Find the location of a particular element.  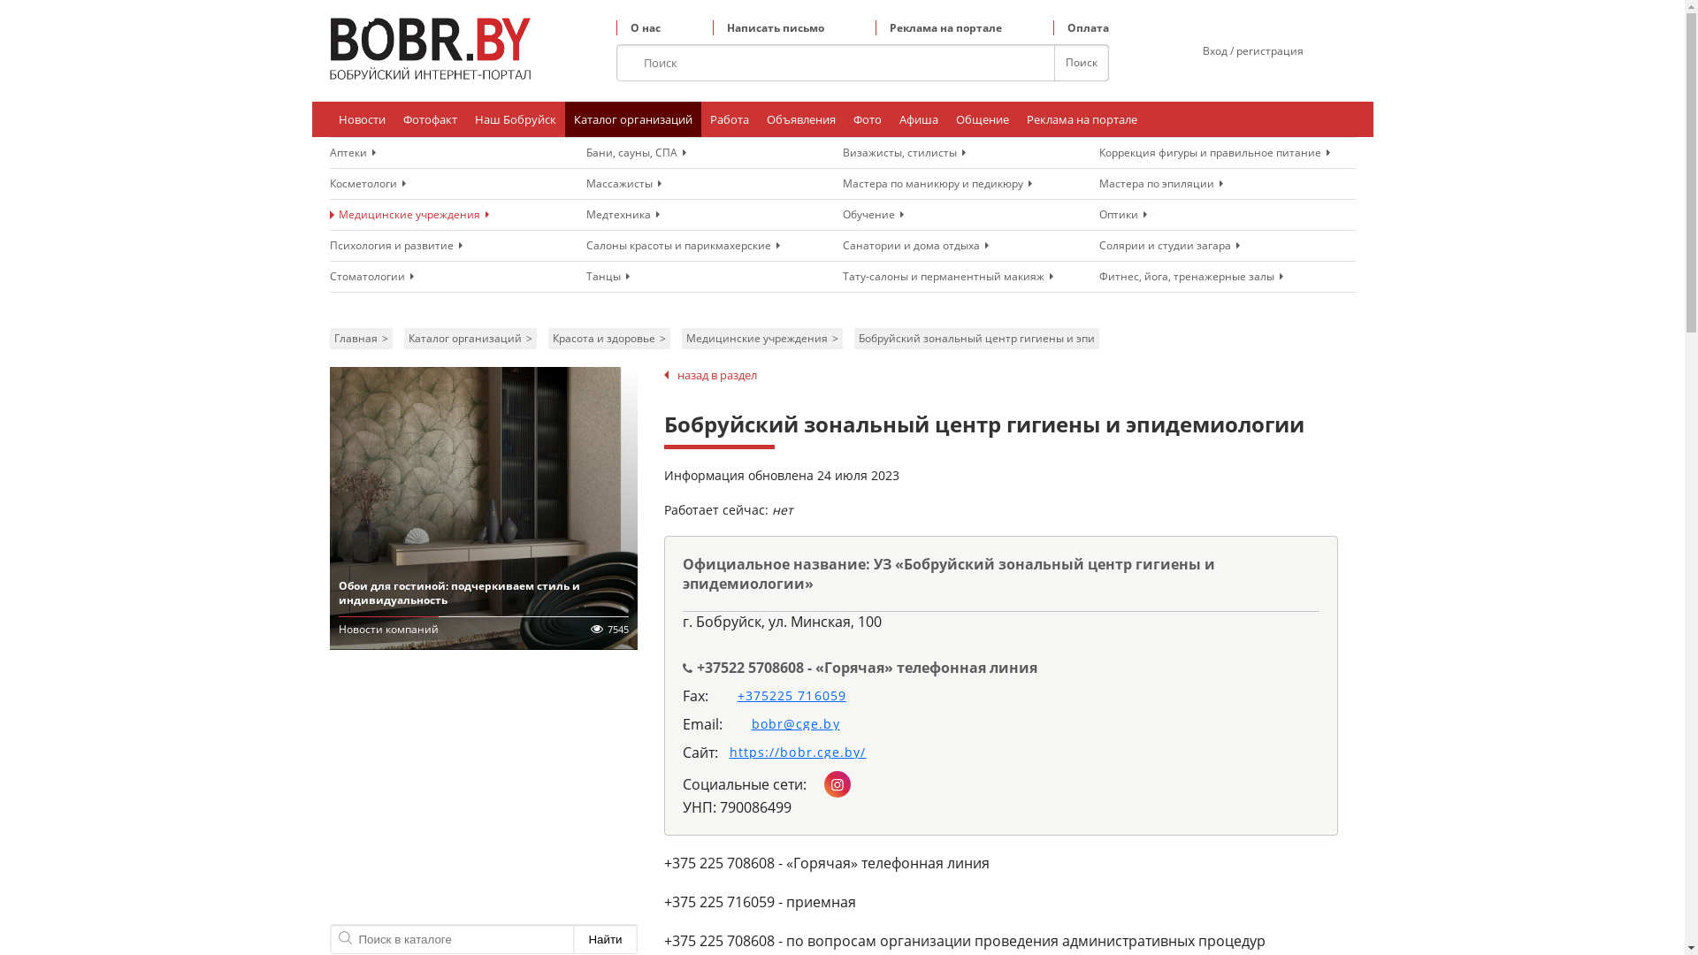

'https://bobr.cge.by/' is located at coordinates (792, 753).